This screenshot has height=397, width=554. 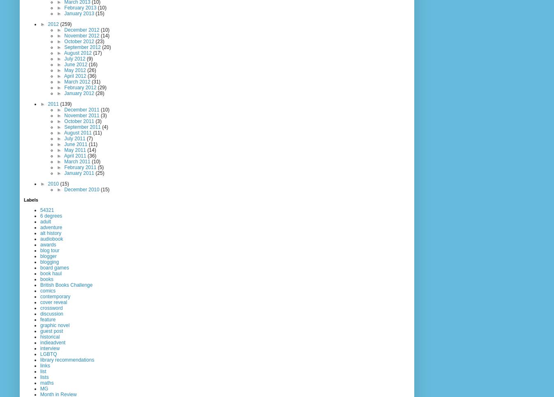 I want to click on 'September 2011', so click(x=83, y=126).